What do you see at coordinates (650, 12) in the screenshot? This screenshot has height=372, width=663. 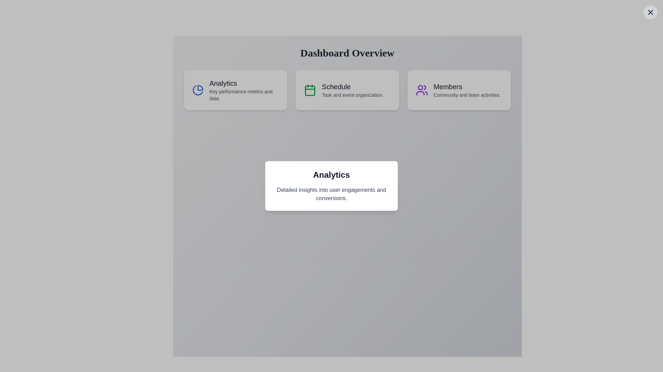 I see `the circular button with a gray background and a black 'X' icon located in the top-right corner of the interface to change its background color` at bounding box center [650, 12].